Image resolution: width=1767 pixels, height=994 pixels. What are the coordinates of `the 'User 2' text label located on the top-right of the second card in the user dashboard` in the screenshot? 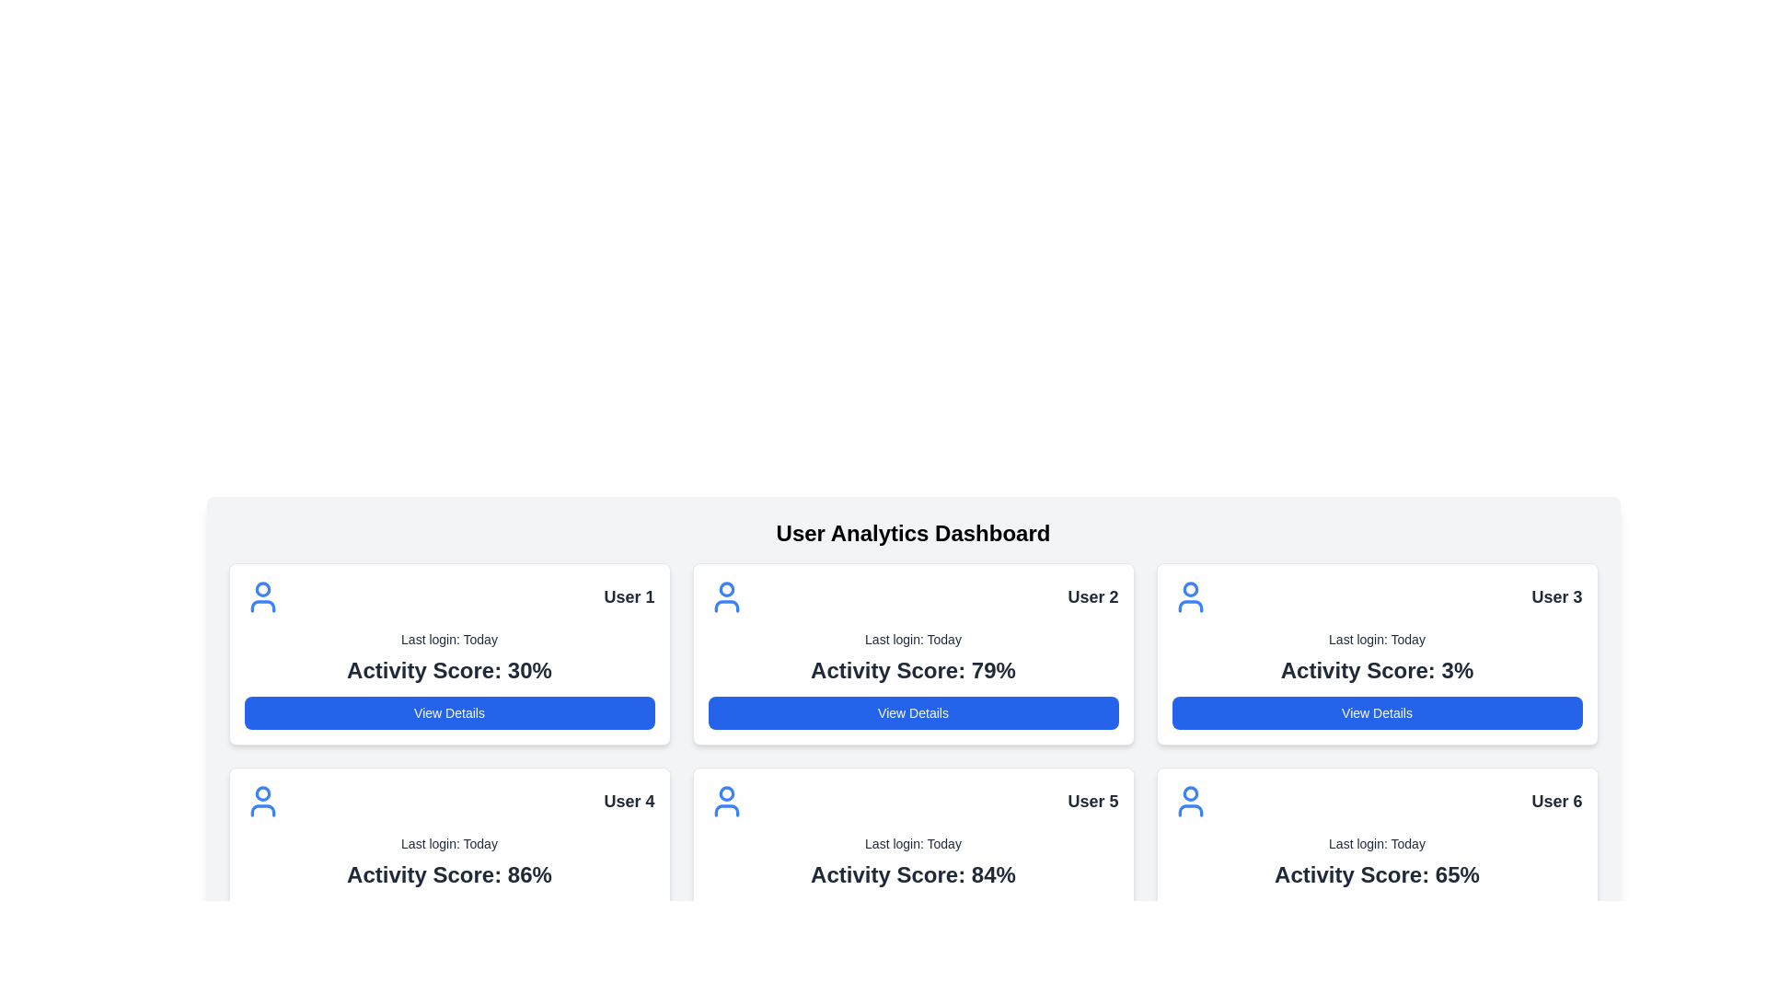 It's located at (1092, 596).